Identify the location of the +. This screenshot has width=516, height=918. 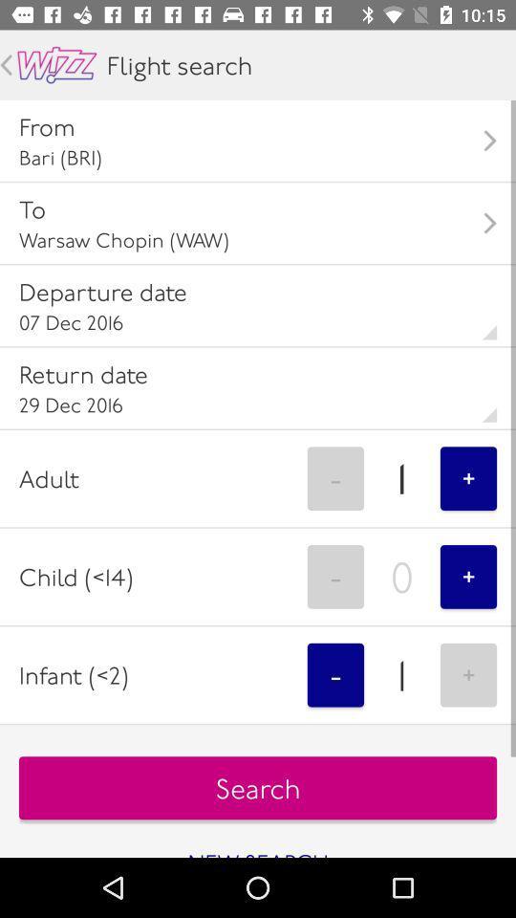
(467, 477).